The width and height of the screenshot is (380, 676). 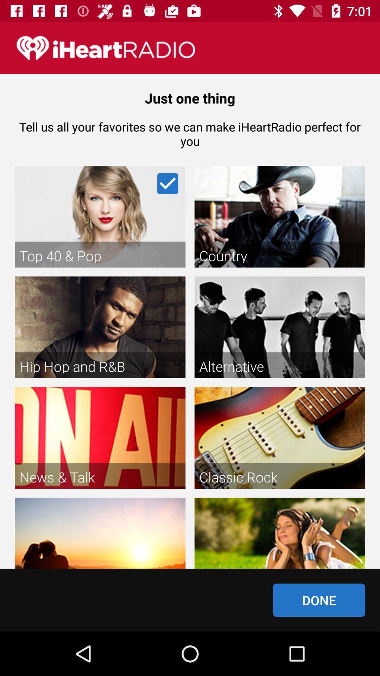 What do you see at coordinates (319, 600) in the screenshot?
I see `done` at bounding box center [319, 600].